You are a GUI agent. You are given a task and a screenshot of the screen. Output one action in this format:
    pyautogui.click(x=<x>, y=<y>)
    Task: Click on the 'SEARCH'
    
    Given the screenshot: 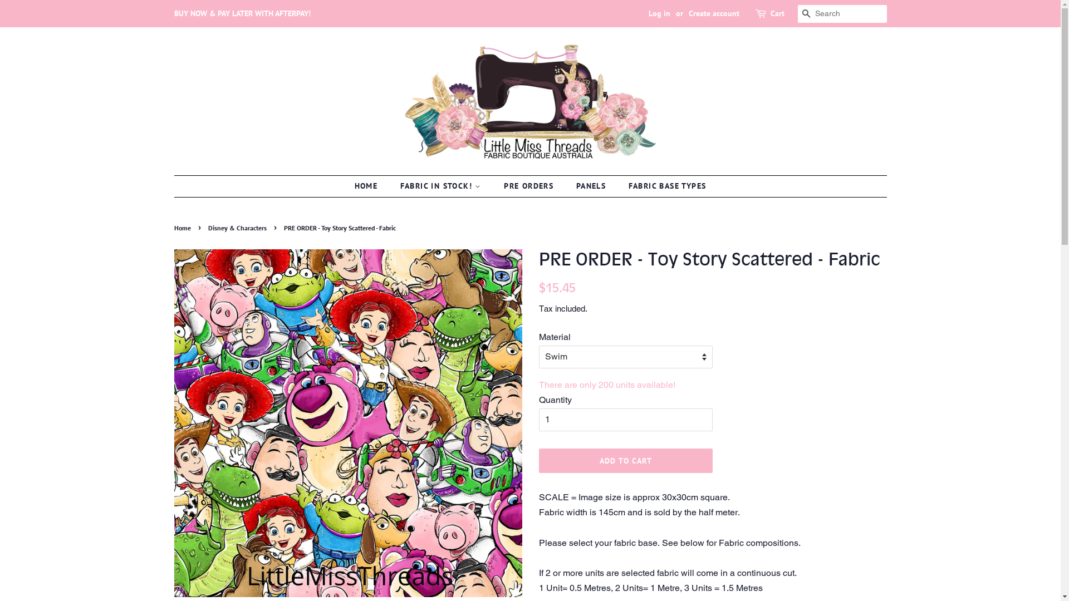 What is the action you would take?
    pyautogui.click(x=796, y=14)
    